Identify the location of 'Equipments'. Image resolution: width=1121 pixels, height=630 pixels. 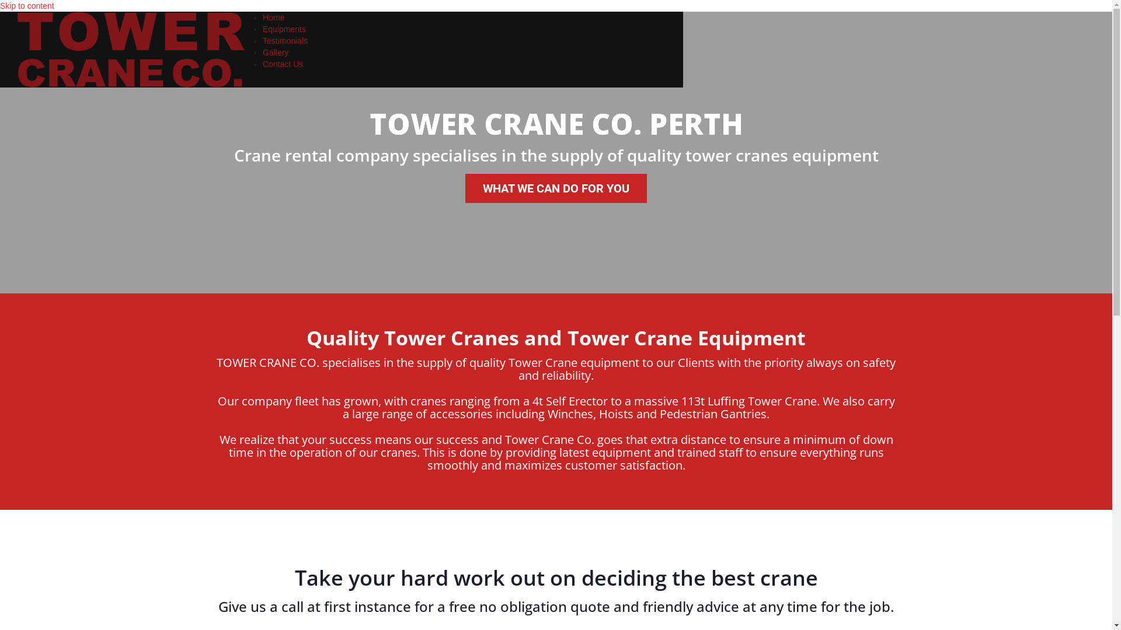
(284, 29).